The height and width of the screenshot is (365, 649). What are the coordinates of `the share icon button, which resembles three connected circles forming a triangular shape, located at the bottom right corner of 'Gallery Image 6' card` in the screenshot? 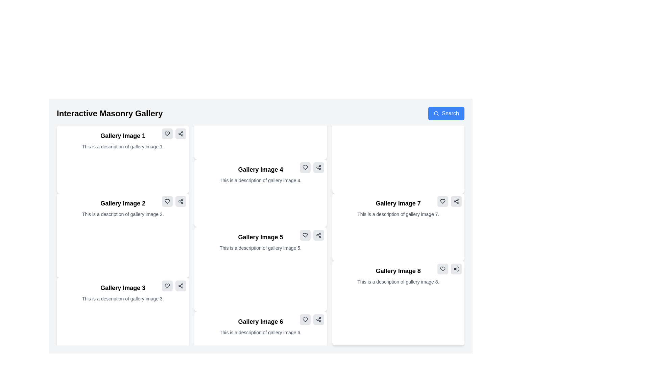 It's located at (318, 319).